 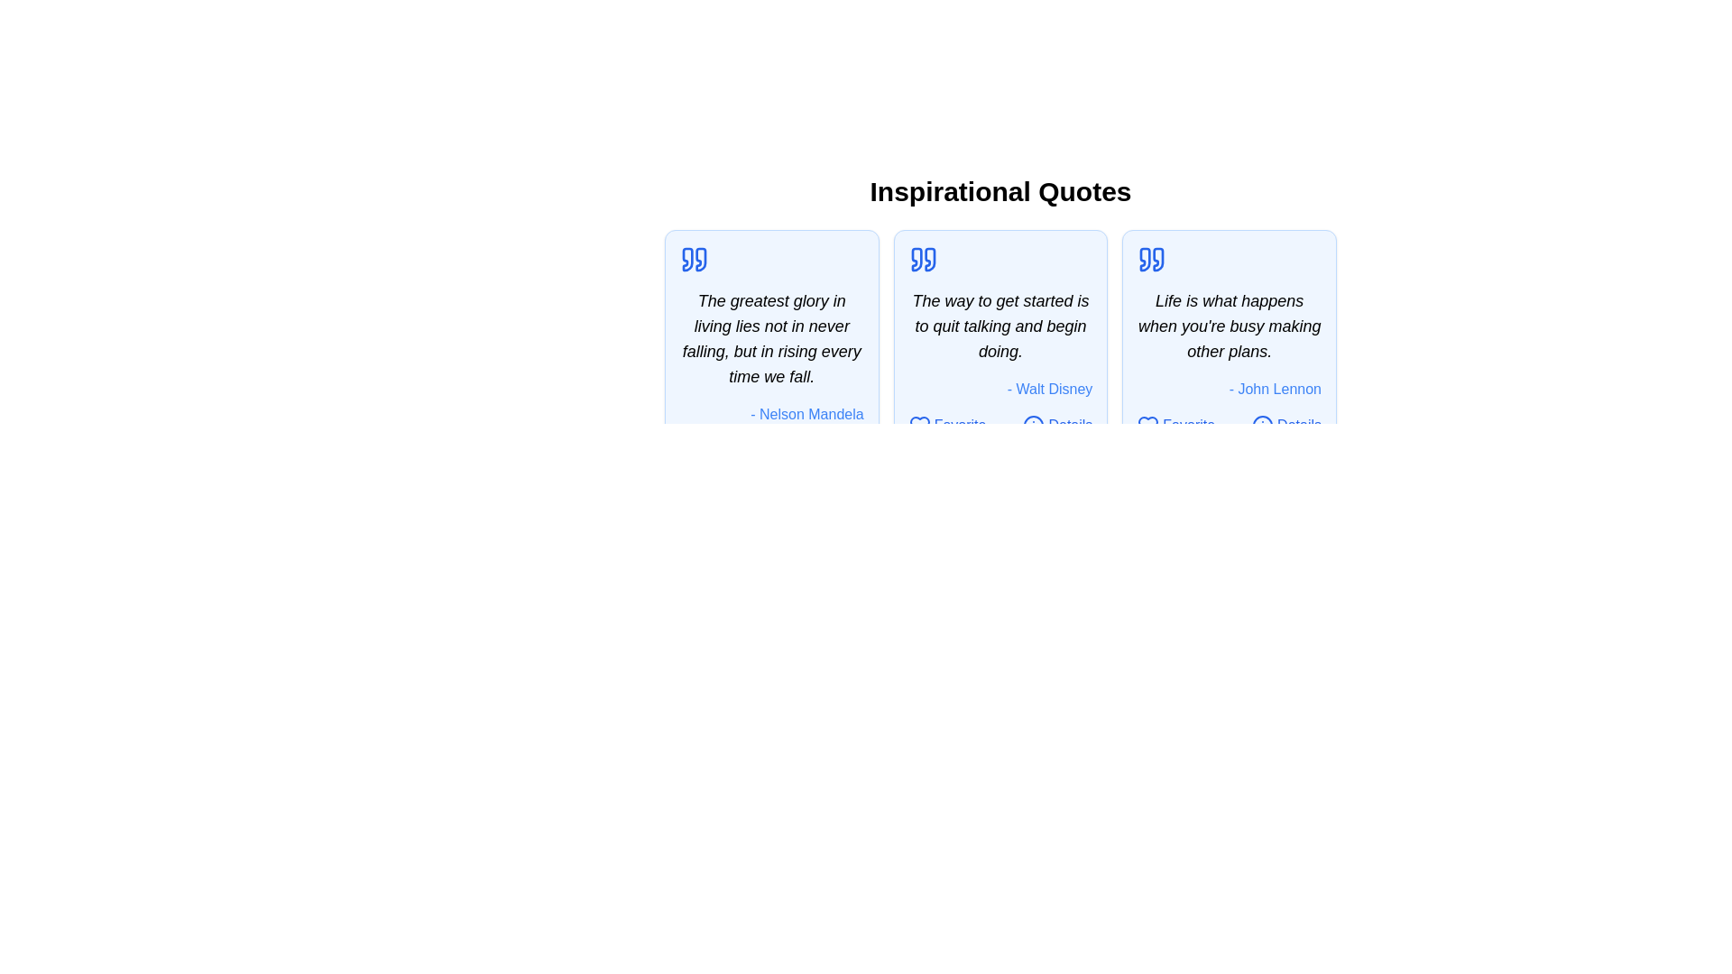 What do you see at coordinates (1189, 425) in the screenshot?
I see `the heart-shaped icon adjacent to the 'Favorite' text label to mark it as favorite` at bounding box center [1189, 425].